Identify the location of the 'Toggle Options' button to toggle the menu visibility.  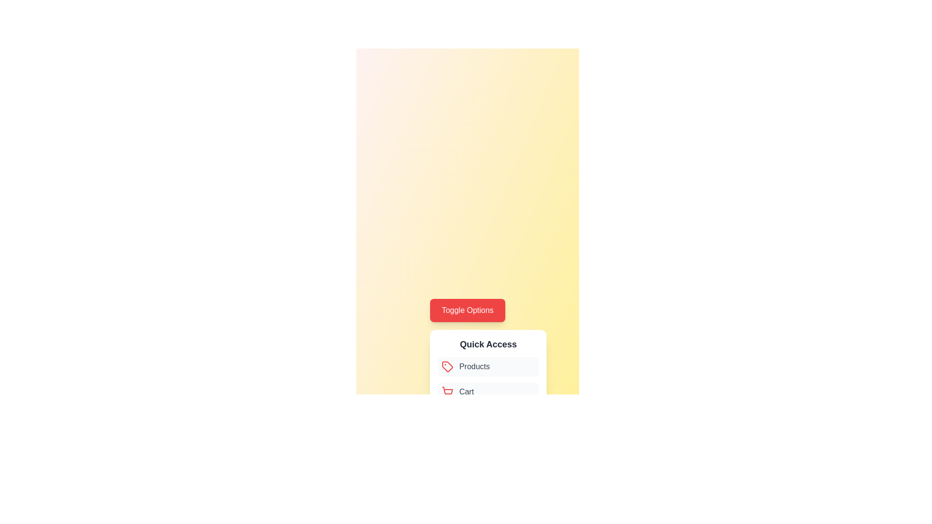
(467, 311).